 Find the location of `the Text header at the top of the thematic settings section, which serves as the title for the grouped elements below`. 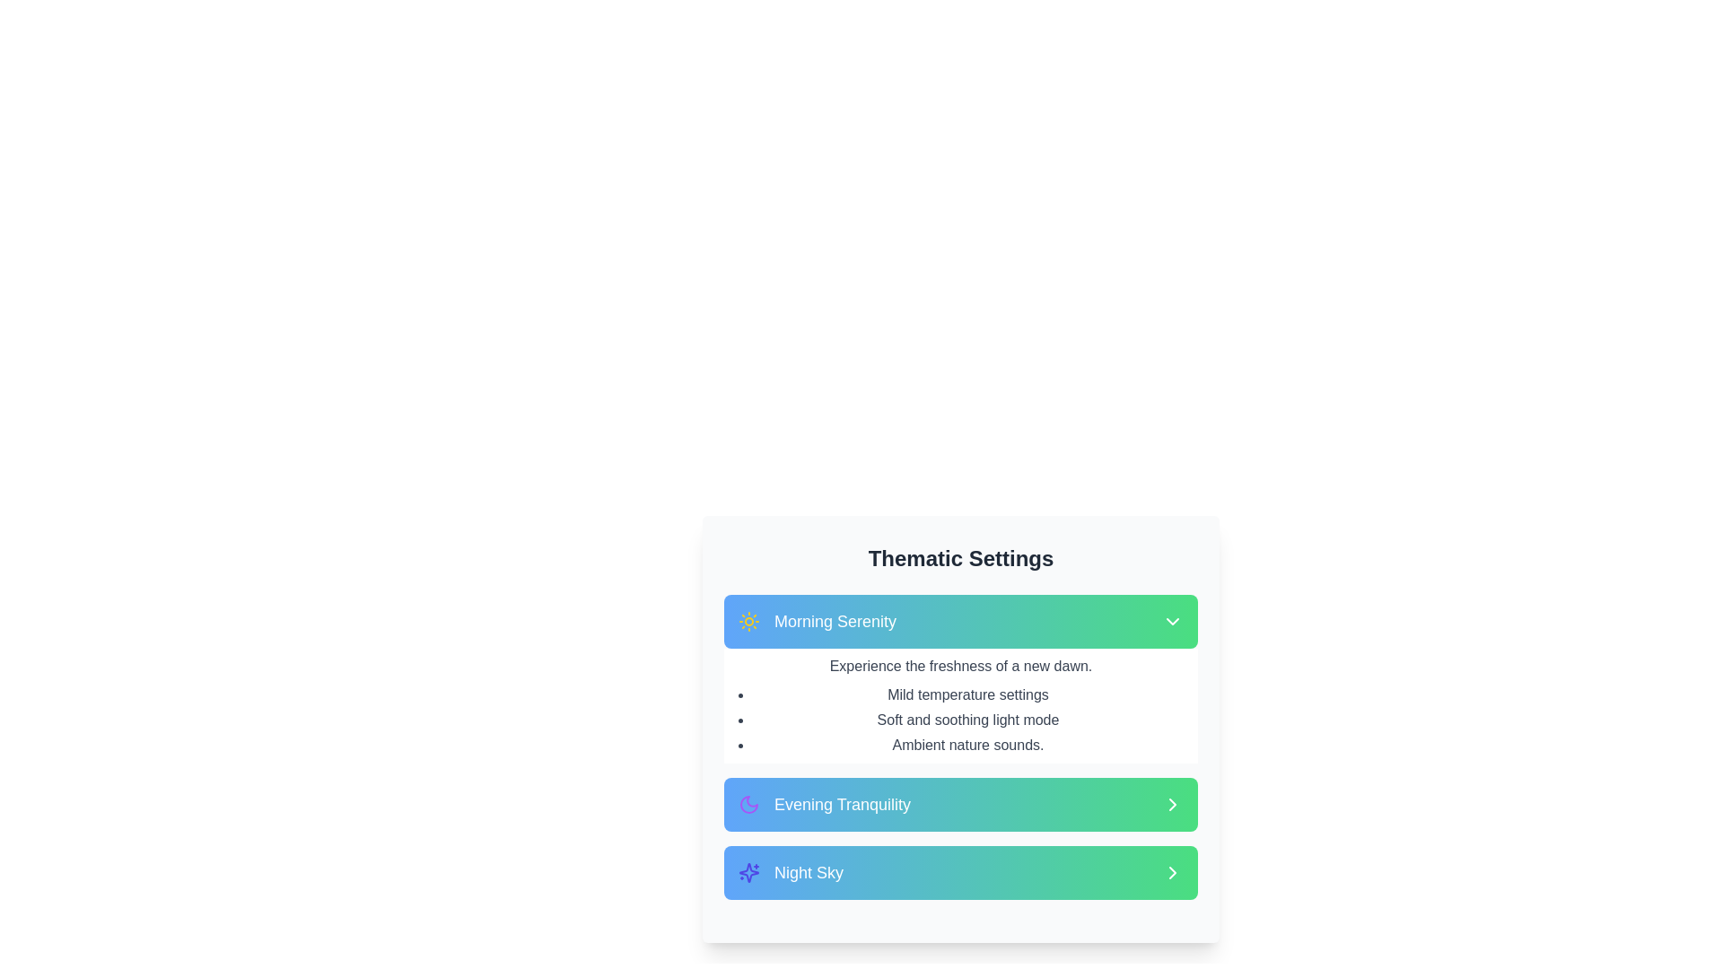

the Text header at the top of the thematic settings section, which serves as the title for the grouped elements below is located at coordinates (959, 558).